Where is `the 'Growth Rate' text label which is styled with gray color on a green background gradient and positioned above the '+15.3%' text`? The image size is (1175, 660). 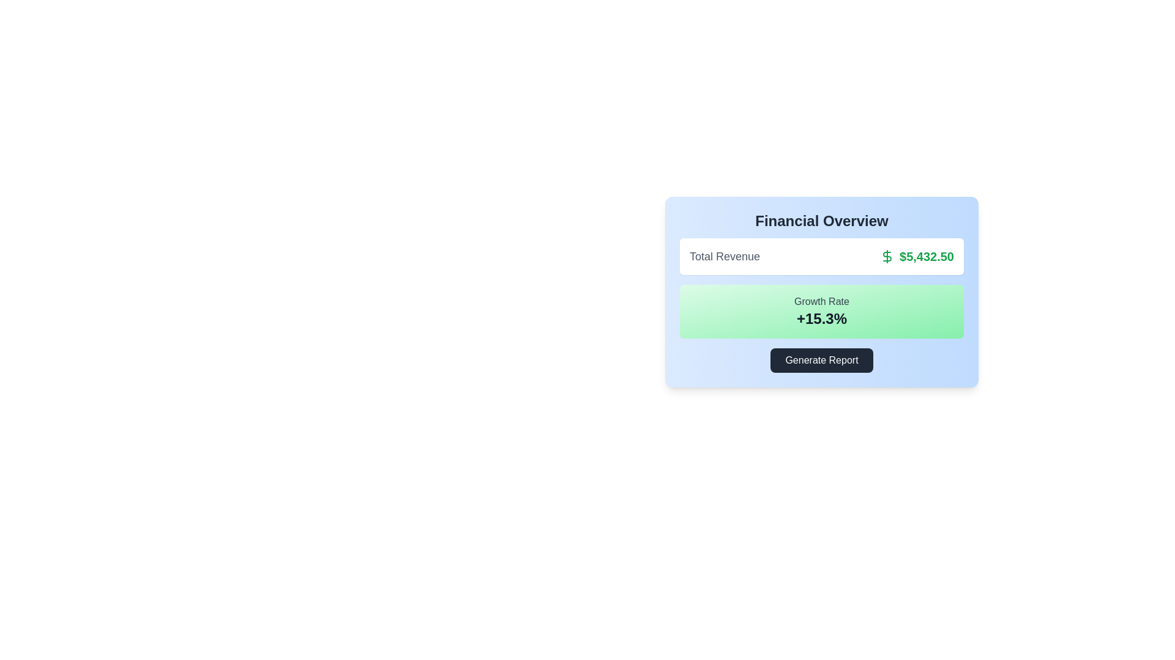
the 'Growth Rate' text label which is styled with gray color on a green background gradient and positioned above the '+15.3%' text is located at coordinates (822, 301).